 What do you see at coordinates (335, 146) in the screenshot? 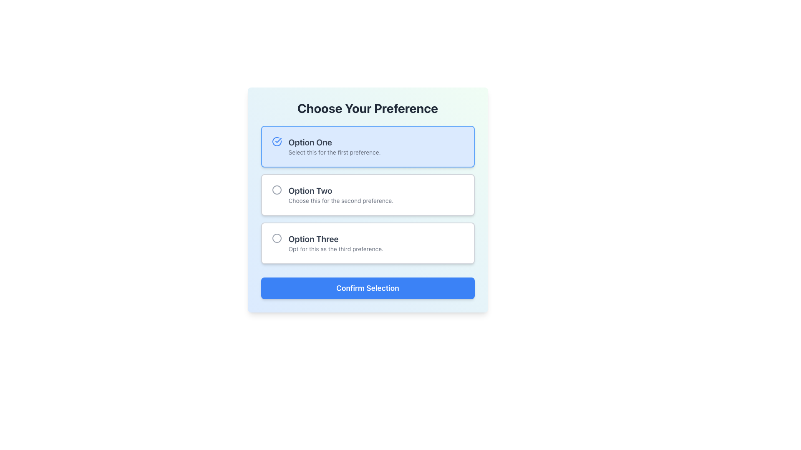
I see `text presentation containing the title 'Option One' and the subtitle 'Select this for the first preference.'` at bounding box center [335, 146].